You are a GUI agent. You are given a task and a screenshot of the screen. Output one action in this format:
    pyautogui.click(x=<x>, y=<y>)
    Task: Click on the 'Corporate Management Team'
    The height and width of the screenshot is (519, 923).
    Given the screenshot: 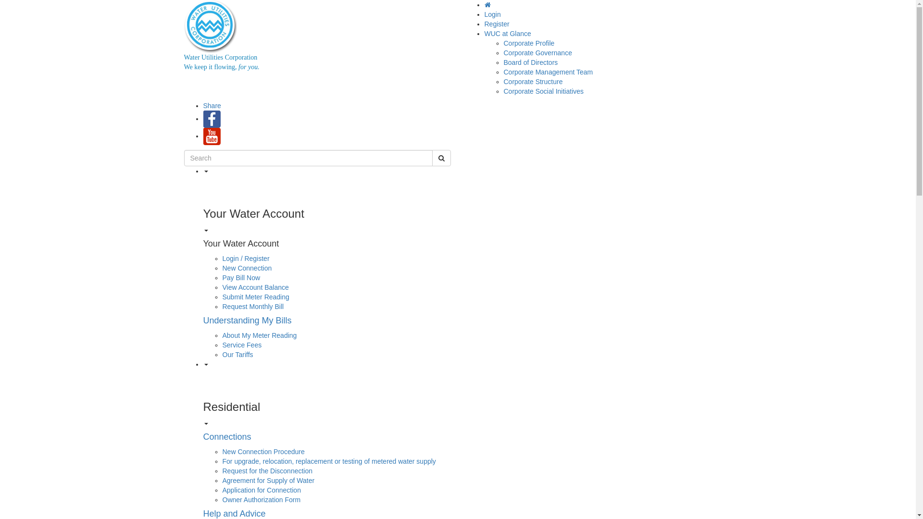 What is the action you would take?
    pyautogui.click(x=549, y=72)
    